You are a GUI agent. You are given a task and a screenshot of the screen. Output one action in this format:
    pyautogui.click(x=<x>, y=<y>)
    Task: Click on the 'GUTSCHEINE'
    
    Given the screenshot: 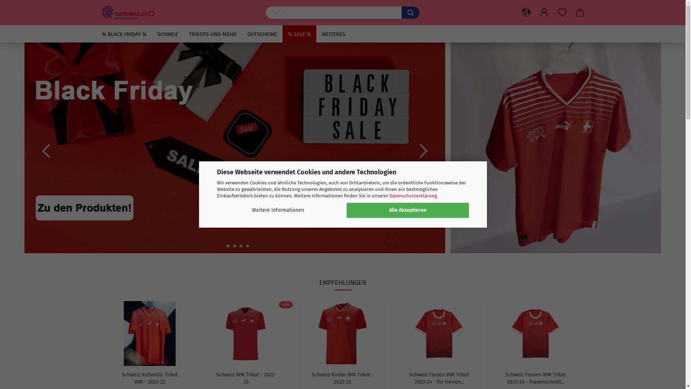 What is the action you would take?
    pyautogui.click(x=262, y=33)
    